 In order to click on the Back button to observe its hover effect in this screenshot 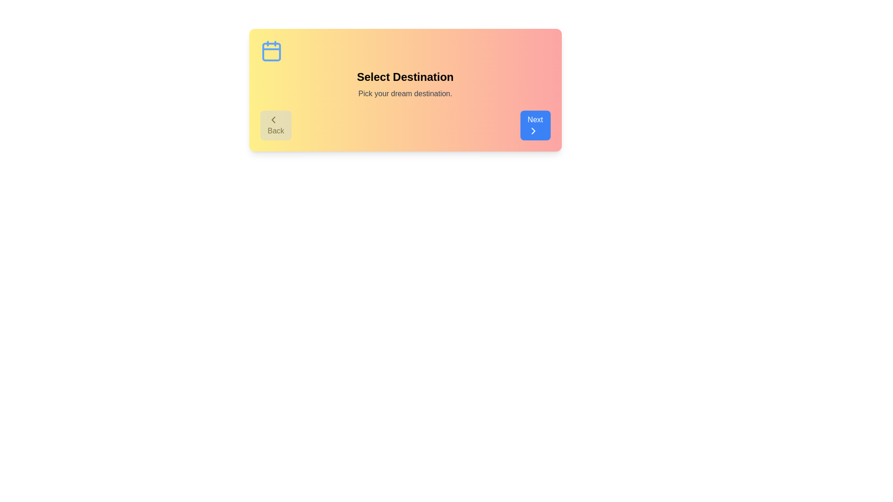, I will do `click(275, 125)`.